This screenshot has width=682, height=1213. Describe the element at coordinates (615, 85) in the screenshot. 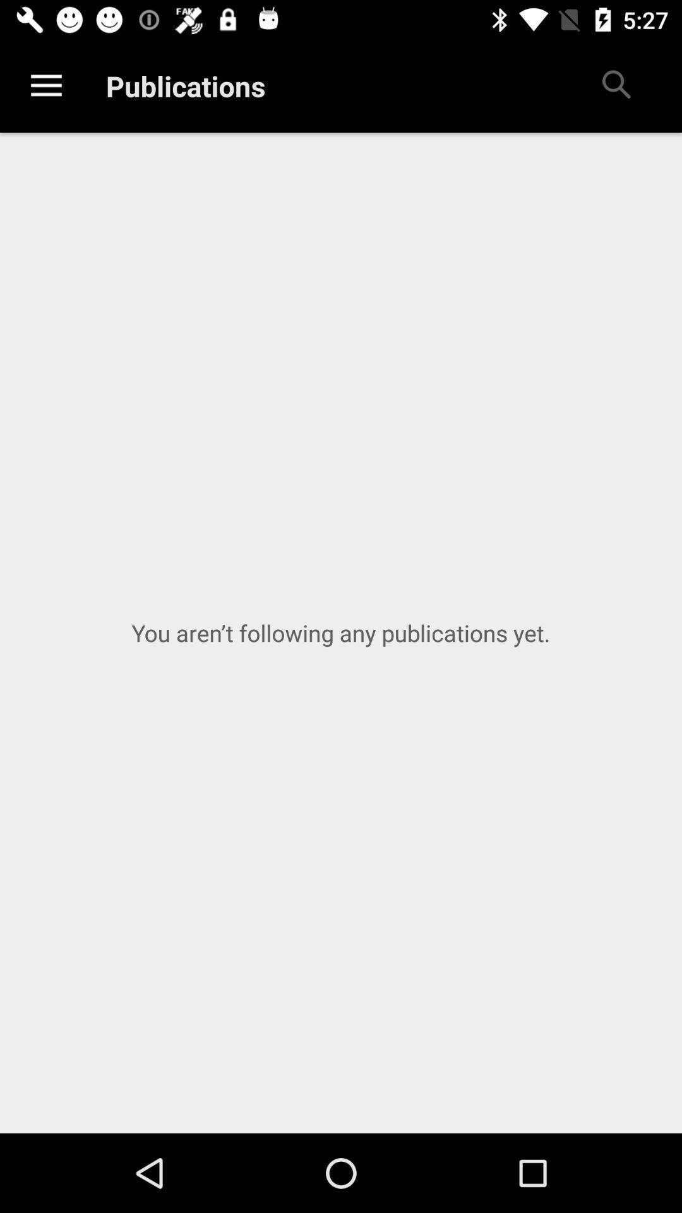

I see `icon at the top right corner` at that location.